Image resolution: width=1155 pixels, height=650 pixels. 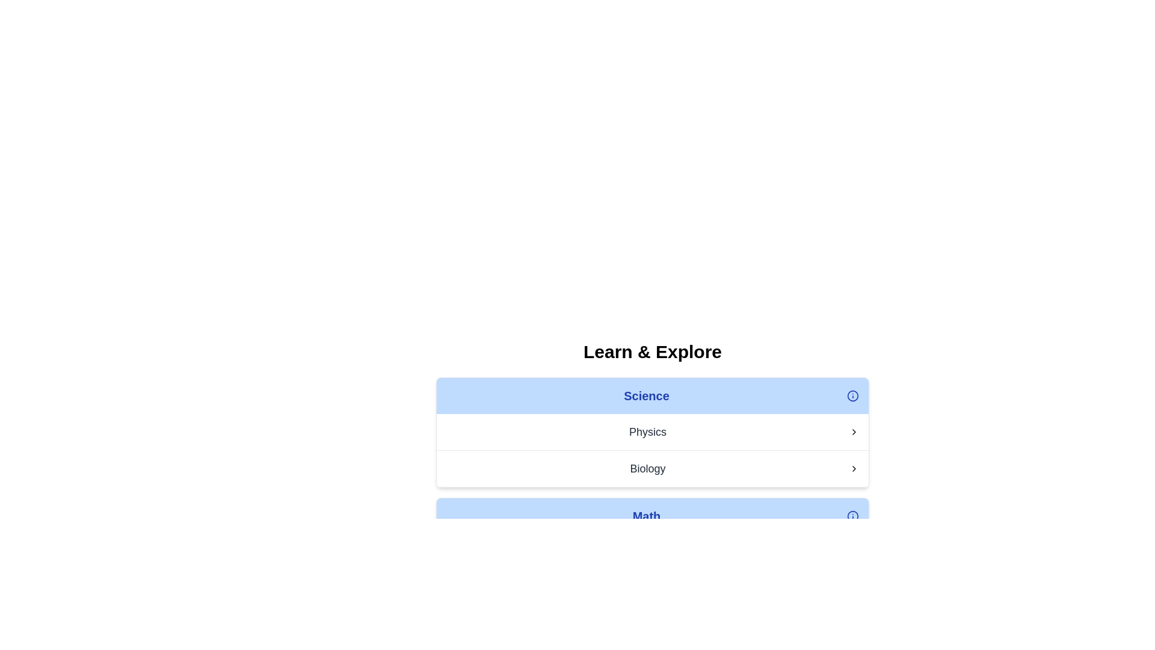 What do you see at coordinates (651, 443) in the screenshot?
I see `the interactive list item for 'Physics', which is the second item under the 'Learn & Explore' section` at bounding box center [651, 443].